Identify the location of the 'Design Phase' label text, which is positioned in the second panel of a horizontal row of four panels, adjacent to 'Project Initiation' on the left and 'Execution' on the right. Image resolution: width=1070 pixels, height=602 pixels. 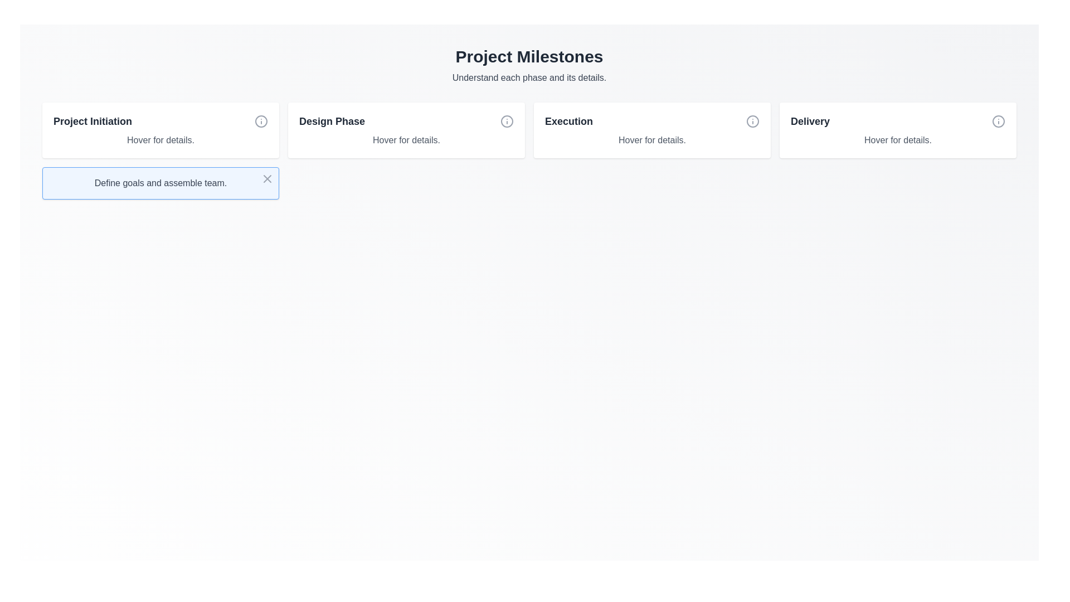
(331, 122).